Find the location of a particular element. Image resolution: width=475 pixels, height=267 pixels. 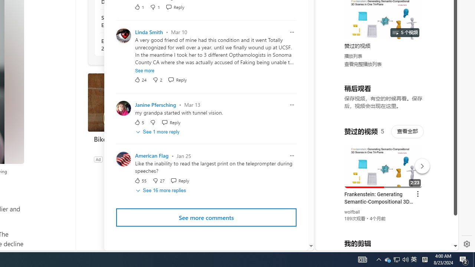

'See 1 more reply' is located at coordinates (158, 132).